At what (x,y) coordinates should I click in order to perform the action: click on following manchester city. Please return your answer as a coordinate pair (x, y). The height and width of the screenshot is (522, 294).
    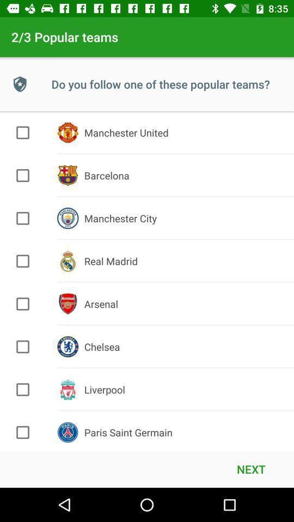
    Looking at the image, I should click on (23, 217).